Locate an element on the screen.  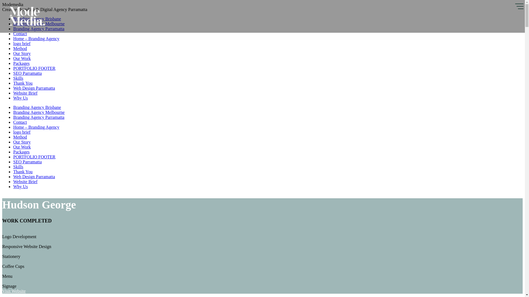
'Our Story' is located at coordinates (22, 142).